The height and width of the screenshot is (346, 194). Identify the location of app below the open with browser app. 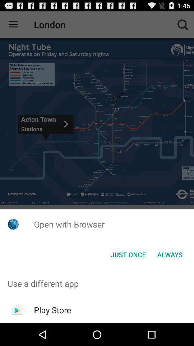
(128, 254).